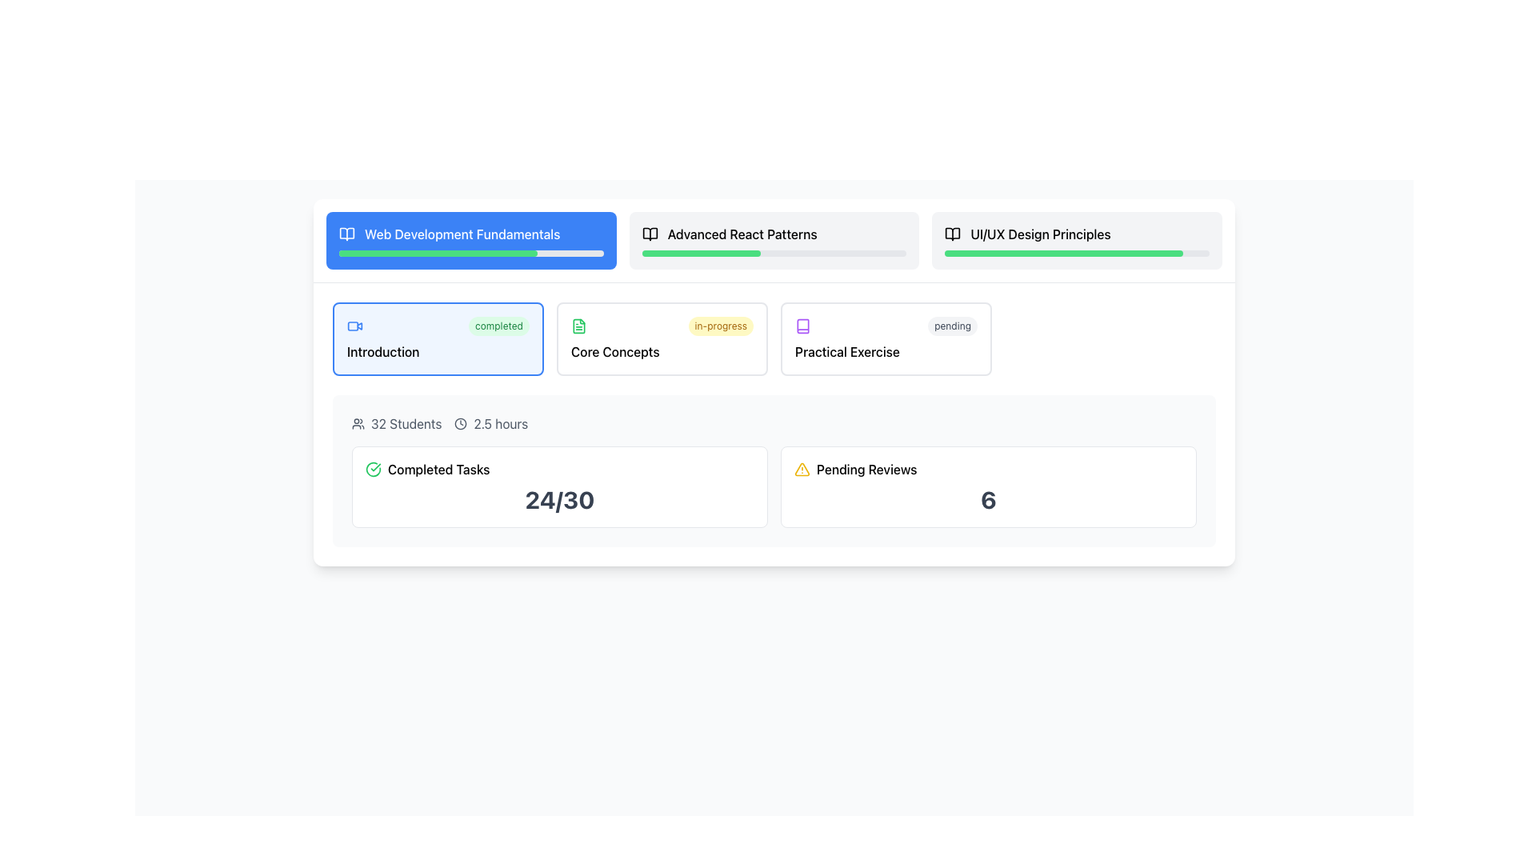 This screenshot has height=864, width=1536. I want to click on the filled segment of the progress bar that visually indicates 75% completion, located beneath the 'Web Development Fundamentals' label, so click(438, 252).